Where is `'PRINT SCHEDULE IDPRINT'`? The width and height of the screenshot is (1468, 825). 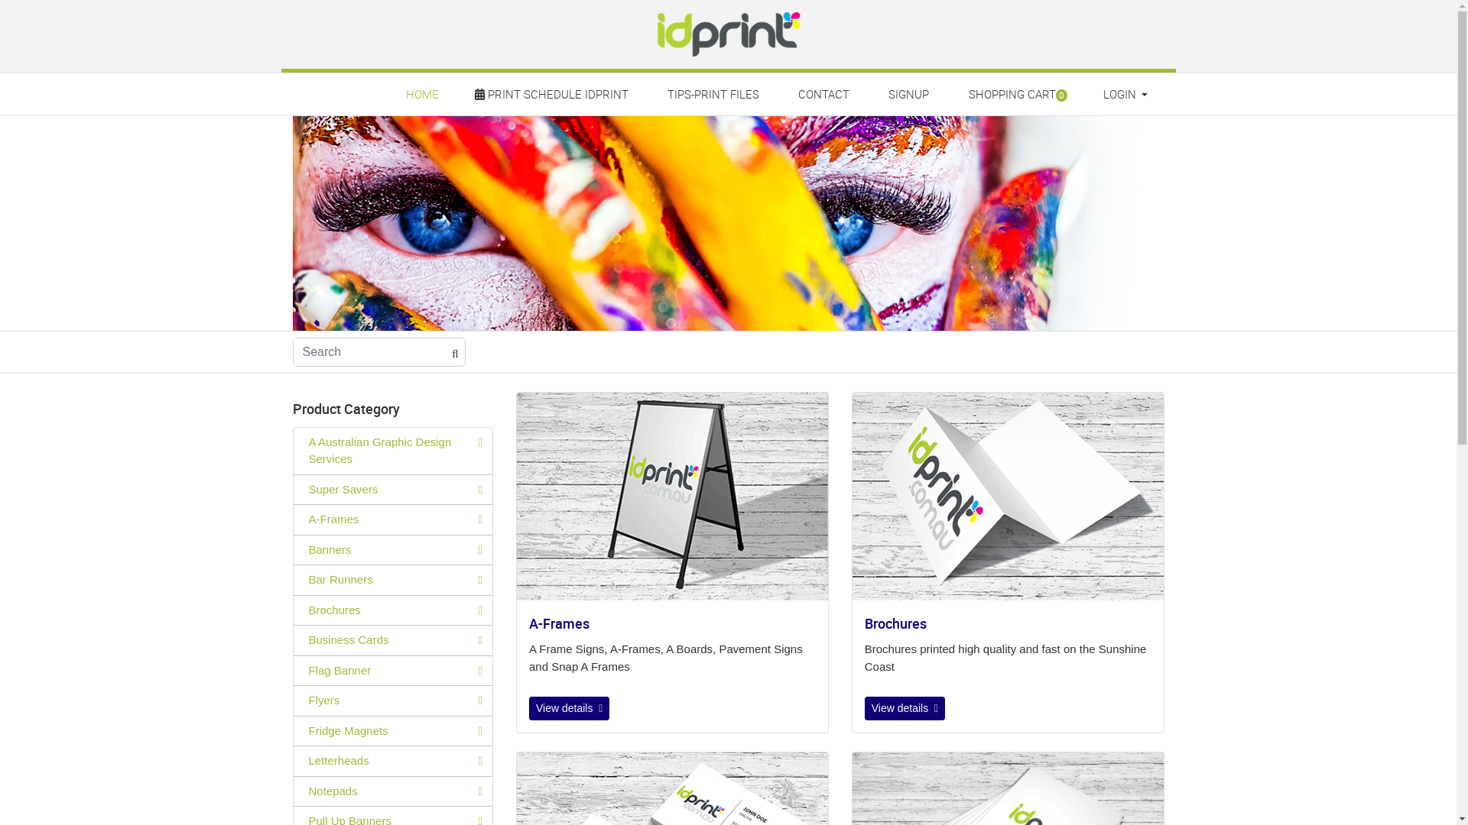
'PRINT SCHEDULE IDPRINT' is located at coordinates (552, 94).